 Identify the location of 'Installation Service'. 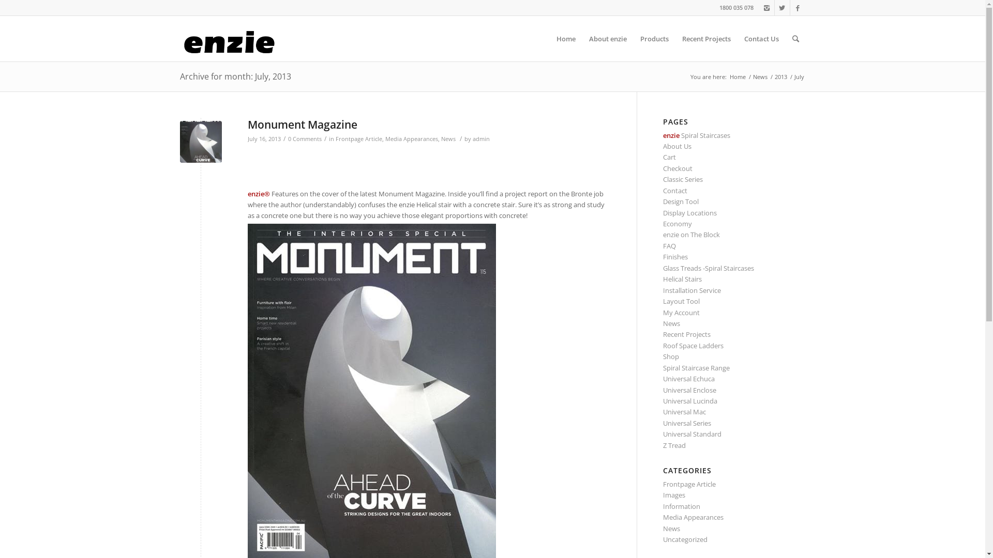
(663, 290).